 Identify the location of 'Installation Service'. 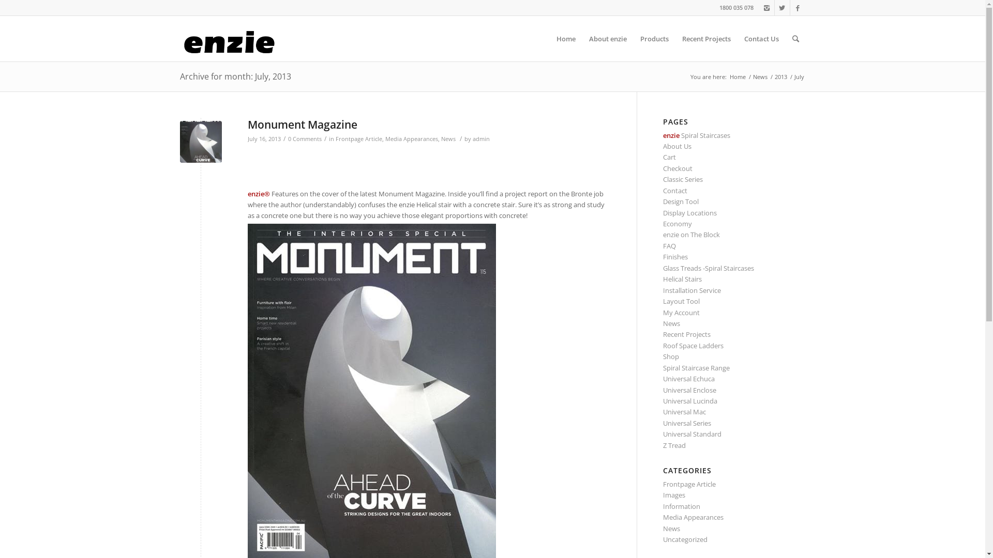
(663, 290).